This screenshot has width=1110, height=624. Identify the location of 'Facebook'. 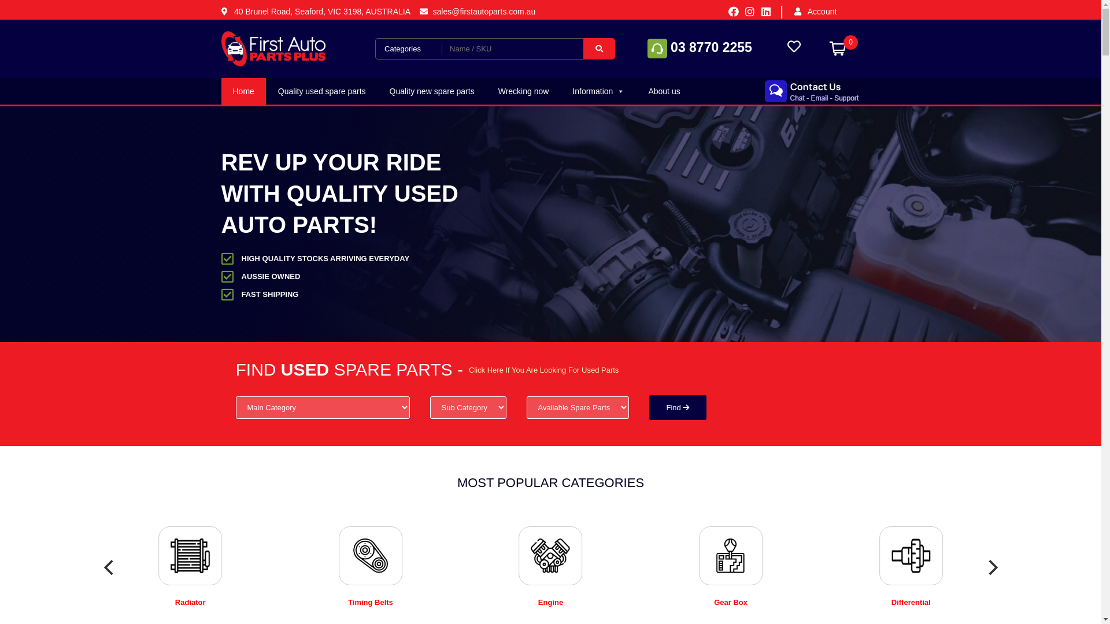
(732, 11).